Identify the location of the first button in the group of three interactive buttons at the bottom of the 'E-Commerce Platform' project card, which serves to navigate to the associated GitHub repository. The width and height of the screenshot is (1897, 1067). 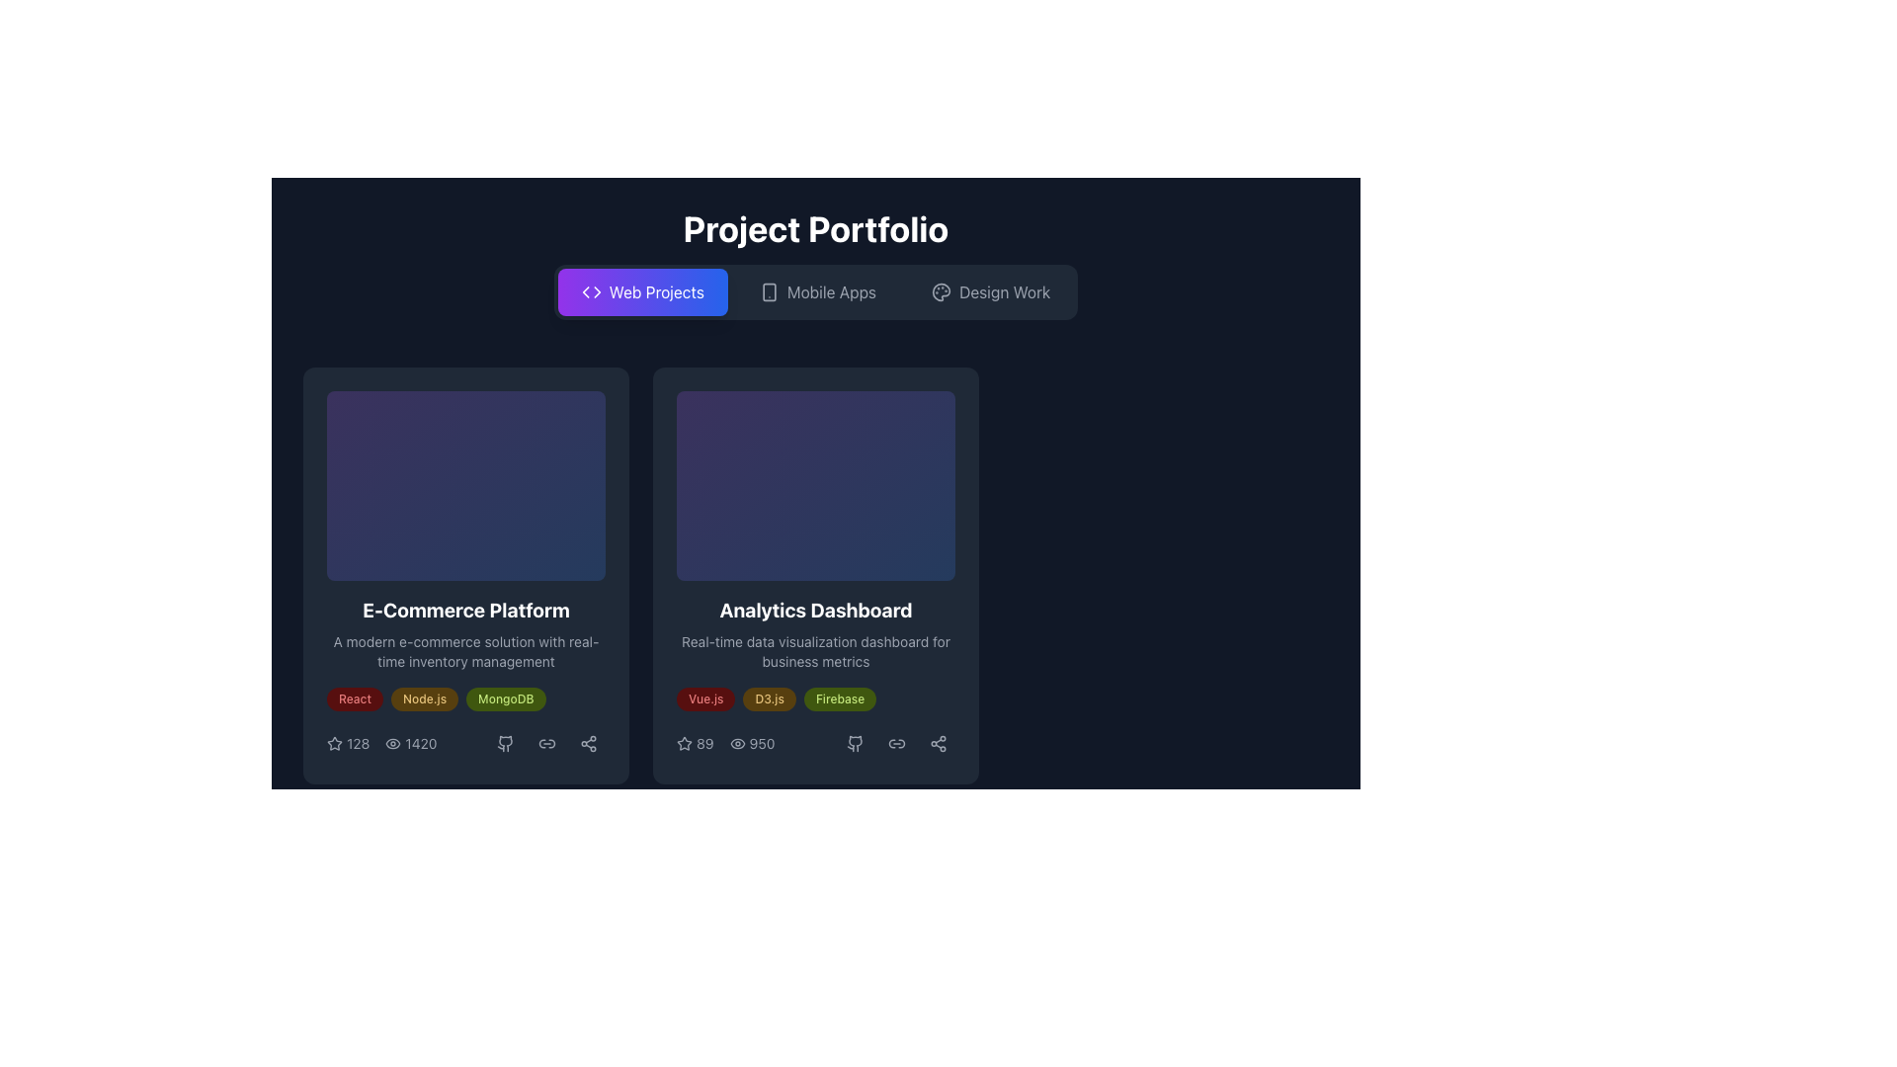
(506, 743).